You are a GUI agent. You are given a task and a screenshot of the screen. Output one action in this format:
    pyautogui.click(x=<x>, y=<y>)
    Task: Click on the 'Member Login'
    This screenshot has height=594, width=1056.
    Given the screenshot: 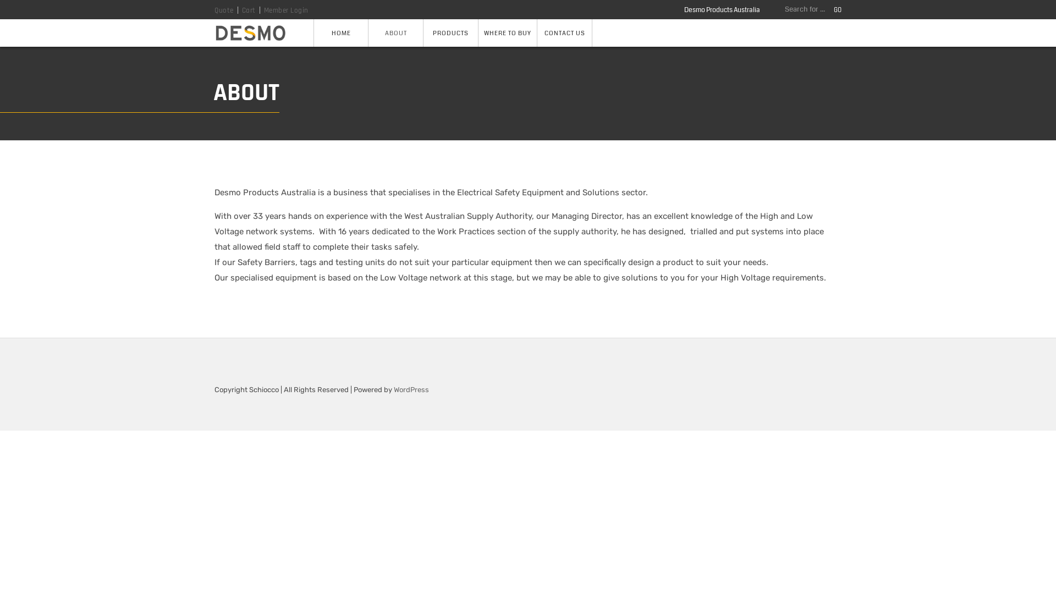 What is the action you would take?
    pyautogui.click(x=286, y=10)
    